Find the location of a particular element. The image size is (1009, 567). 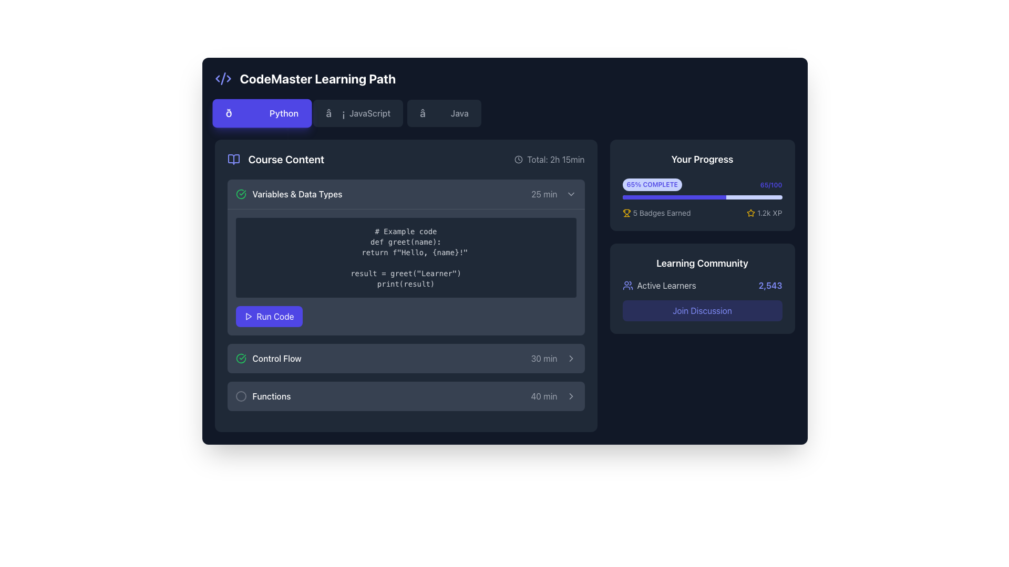

the Code snippet viewer located in the 'Variables & Data Types' section of the 'Course Content' area, which displays a Python code snippet is located at coordinates (405, 271).